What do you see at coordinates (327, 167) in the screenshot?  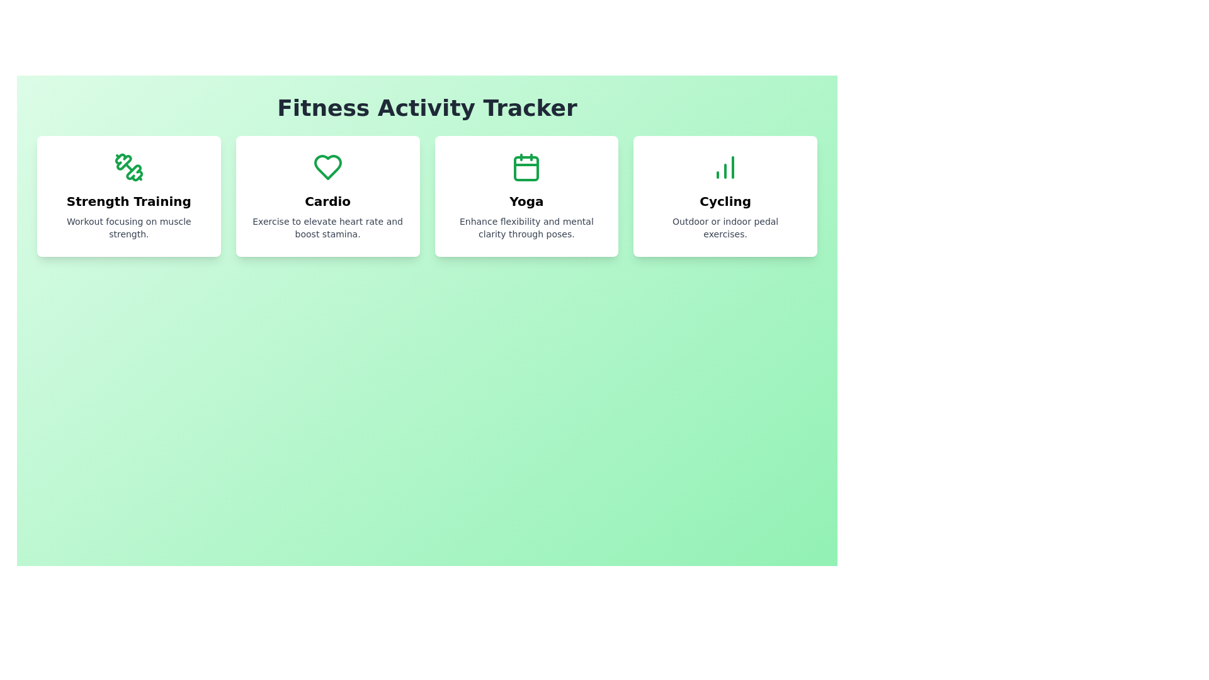 I see `the heart icon representing cardio activity, which is centrally located within the 'Cardio' card, directly above the text 'Cardio'` at bounding box center [327, 167].